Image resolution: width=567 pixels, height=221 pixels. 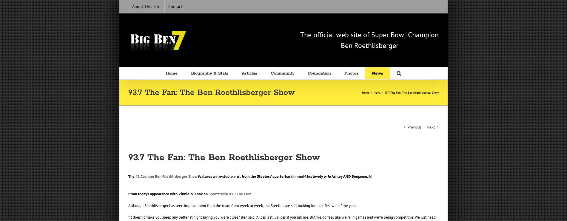 What do you see at coordinates (197, 176) in the screenshot?
I see `'features an in-studio visit from the Steelers’ quarterback himself, his lovely wife Ashley AND Benjamin, Jr!'` at bounding box center [197, 176].